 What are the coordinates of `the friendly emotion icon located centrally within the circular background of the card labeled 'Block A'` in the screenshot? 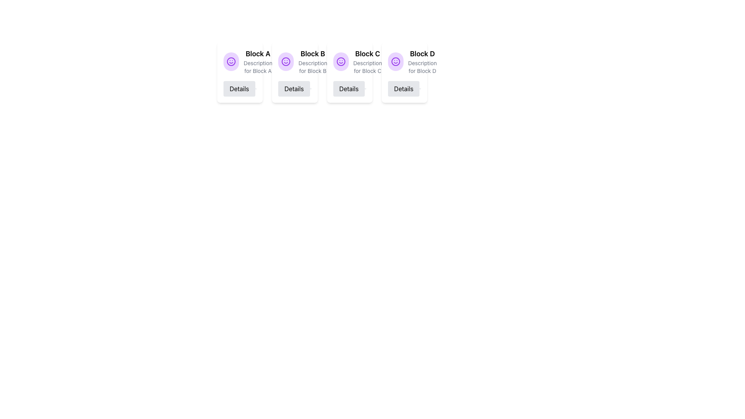 It's located at (286, 61).